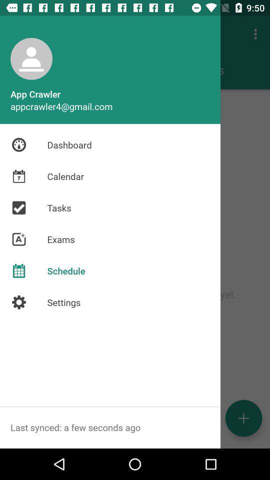 Image resolution: width=270 pixels, height=480 pixels. Describe the element at coordinates (31, 58) in the screenshot. I see `the icon app crawler` at that location.